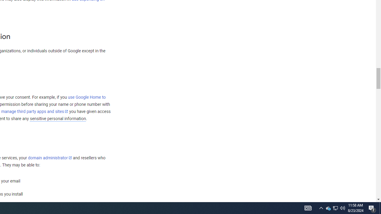 This screenshot has width=381, height=214. What do you see at coordinates (58, 119) in the screenshot?
I see `'sensitive personal information'` at bounding box center [58, 119].